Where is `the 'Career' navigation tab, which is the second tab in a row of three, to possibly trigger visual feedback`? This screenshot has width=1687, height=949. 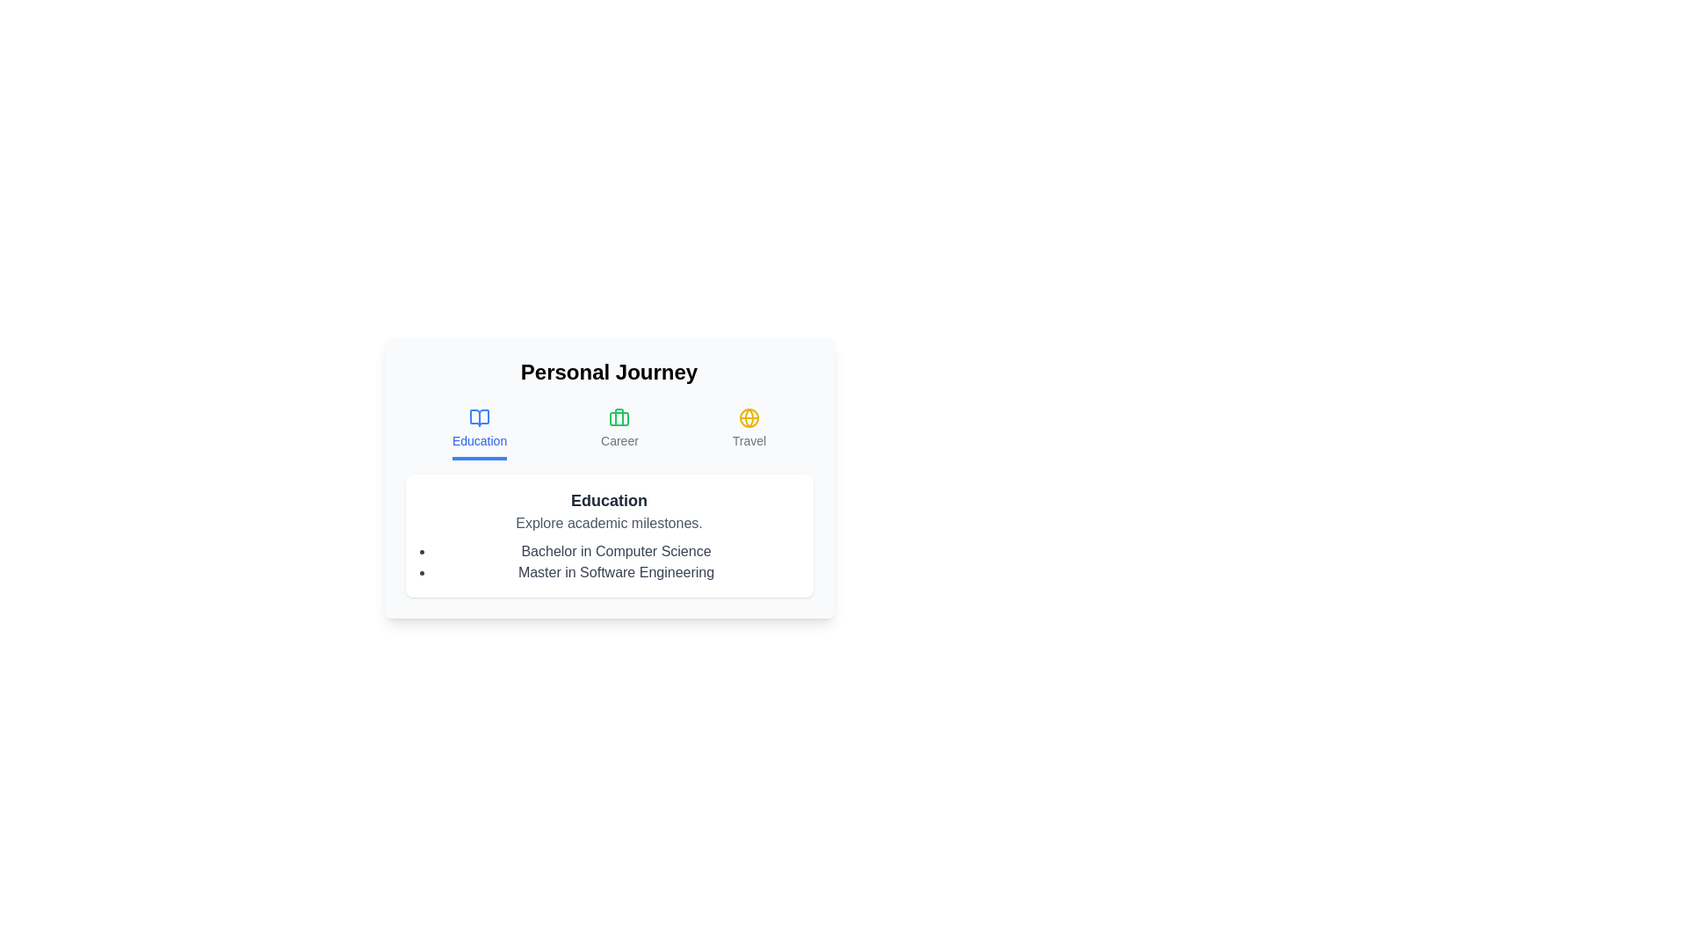 the 'Career' navigation tab, which is the second tab in a row of three, to possibly trigger visual feedback is located at coordinates (619, 433).